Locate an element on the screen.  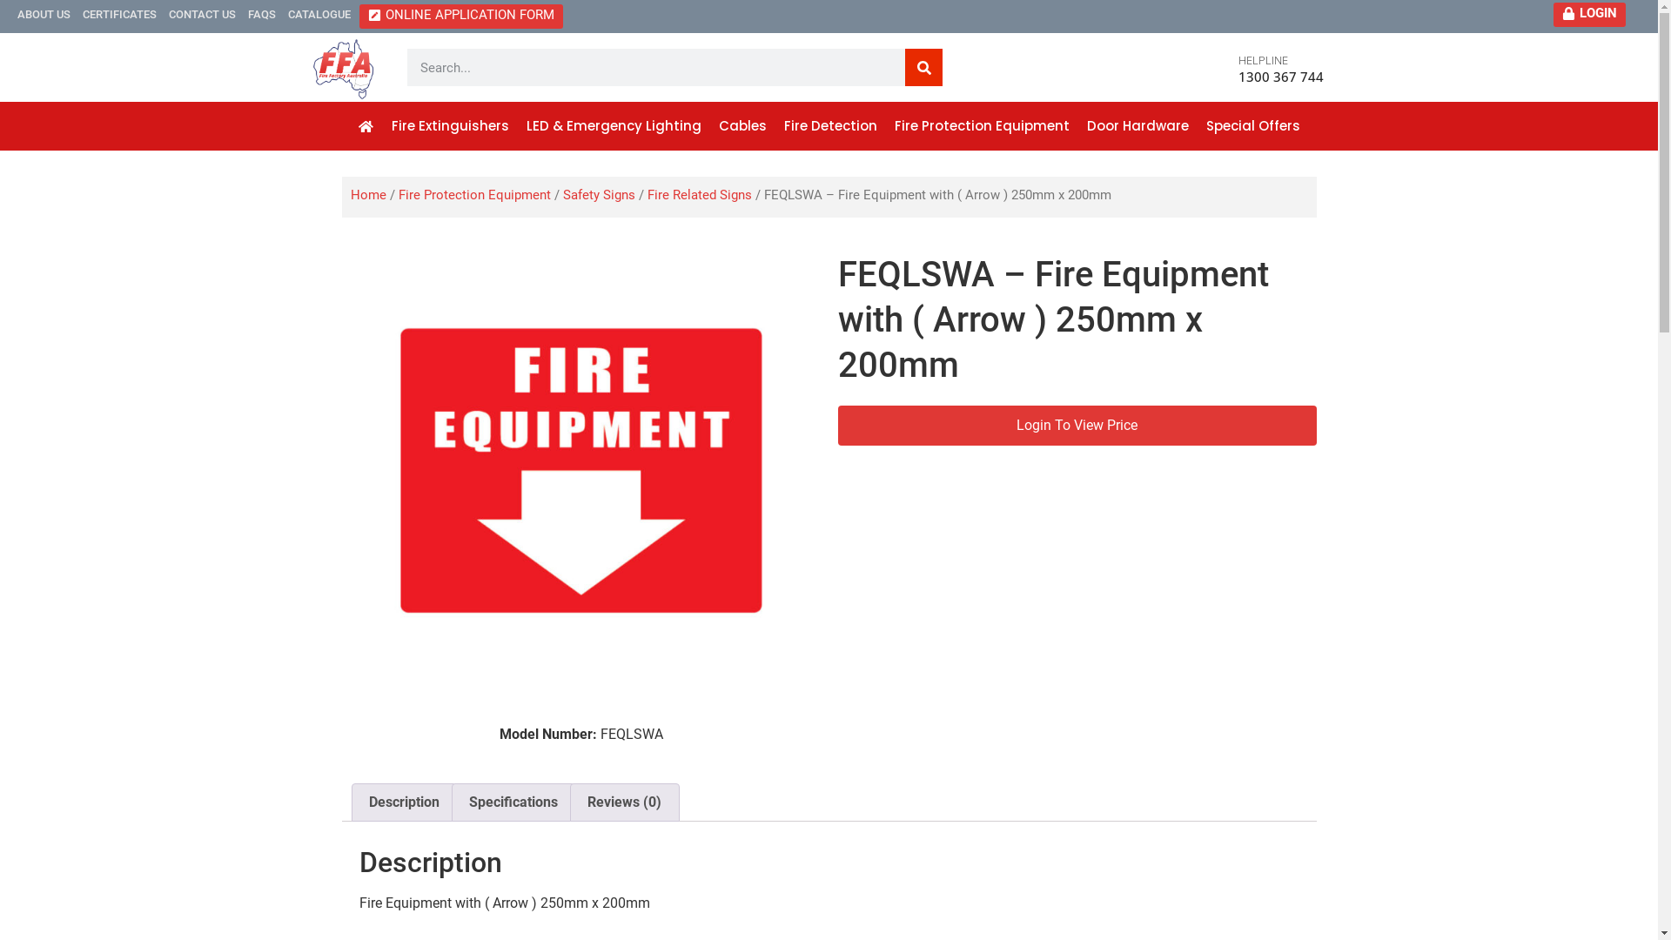
'Fire Protection Equipment' is located at coordinates (474, 194).